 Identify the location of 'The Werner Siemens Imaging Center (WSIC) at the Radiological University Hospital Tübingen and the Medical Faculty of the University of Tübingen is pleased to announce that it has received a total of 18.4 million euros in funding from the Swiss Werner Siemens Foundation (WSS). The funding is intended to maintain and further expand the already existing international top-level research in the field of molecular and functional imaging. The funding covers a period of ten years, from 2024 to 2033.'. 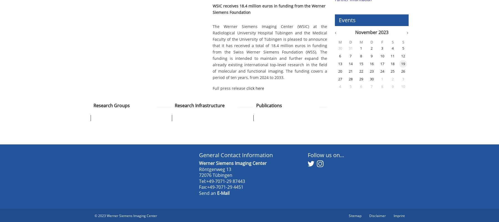
(269, 52).